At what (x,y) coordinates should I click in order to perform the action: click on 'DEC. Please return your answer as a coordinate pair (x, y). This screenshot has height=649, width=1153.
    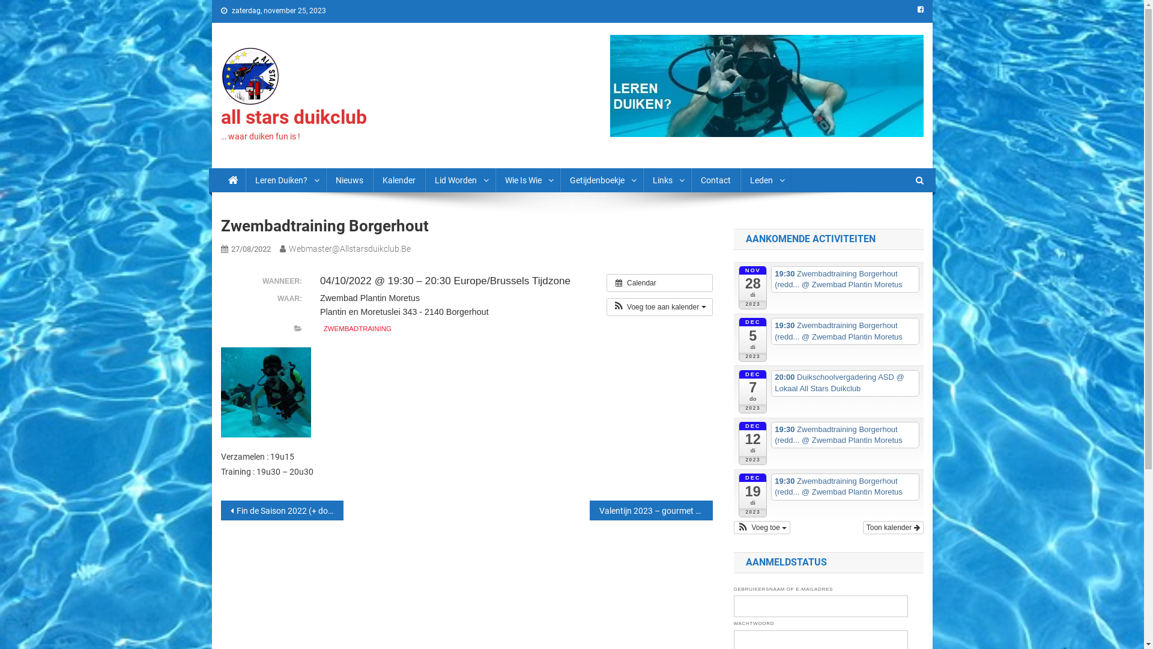
    Looking at the image, I should click on (752, 339).